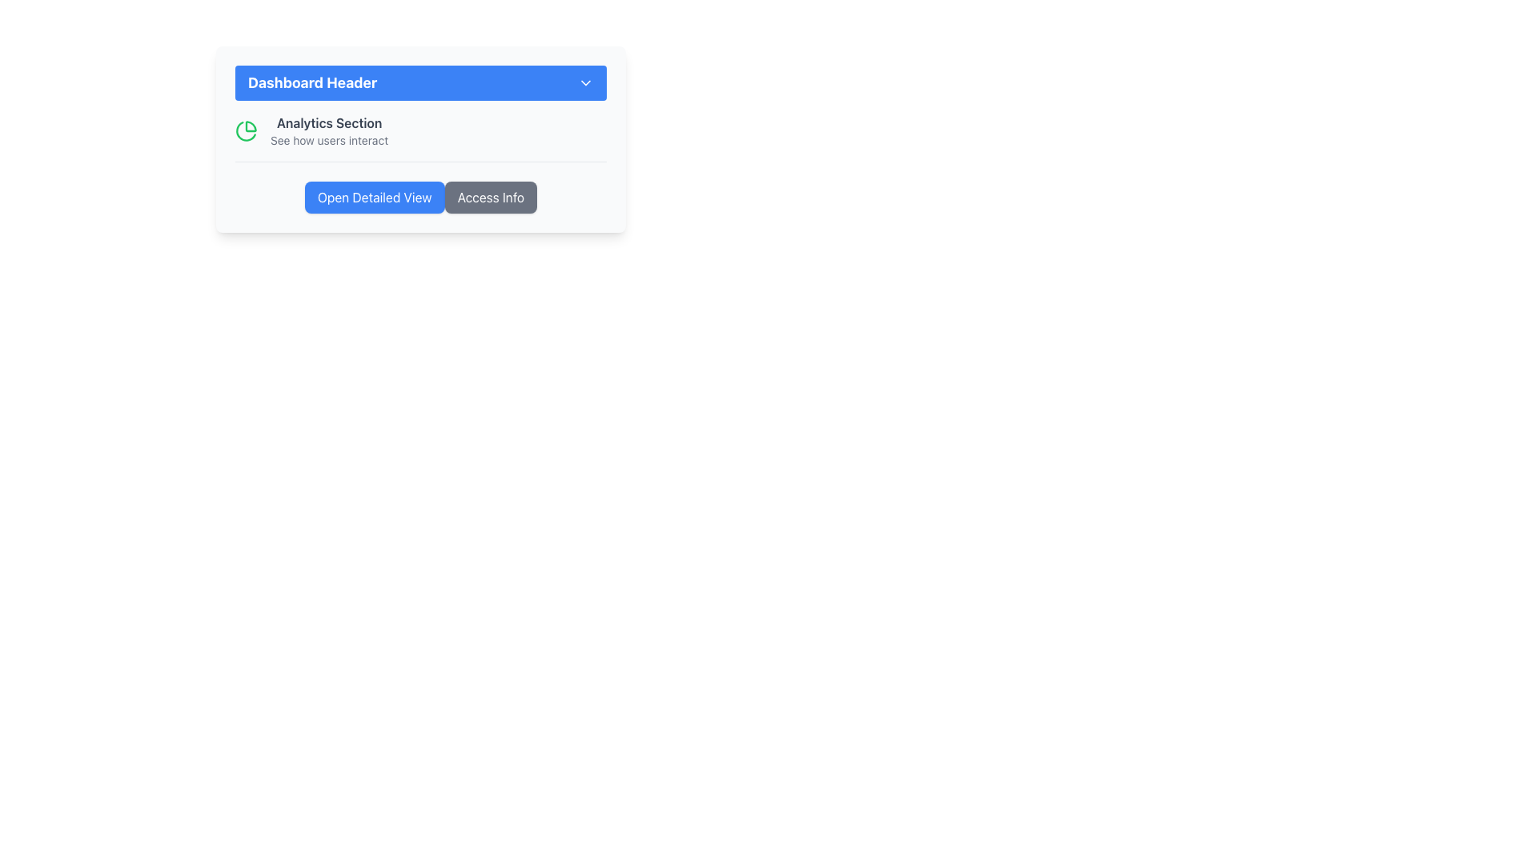 The width and height of the screenshot is (1537, 864). Describe the element at coordinates (328, 140) in the screenshot. I see `the descriptive label text element providing supplementary information about the 'Analytics Section', located in the middle of the interface under the heading 'Analytics Section'` at that location.